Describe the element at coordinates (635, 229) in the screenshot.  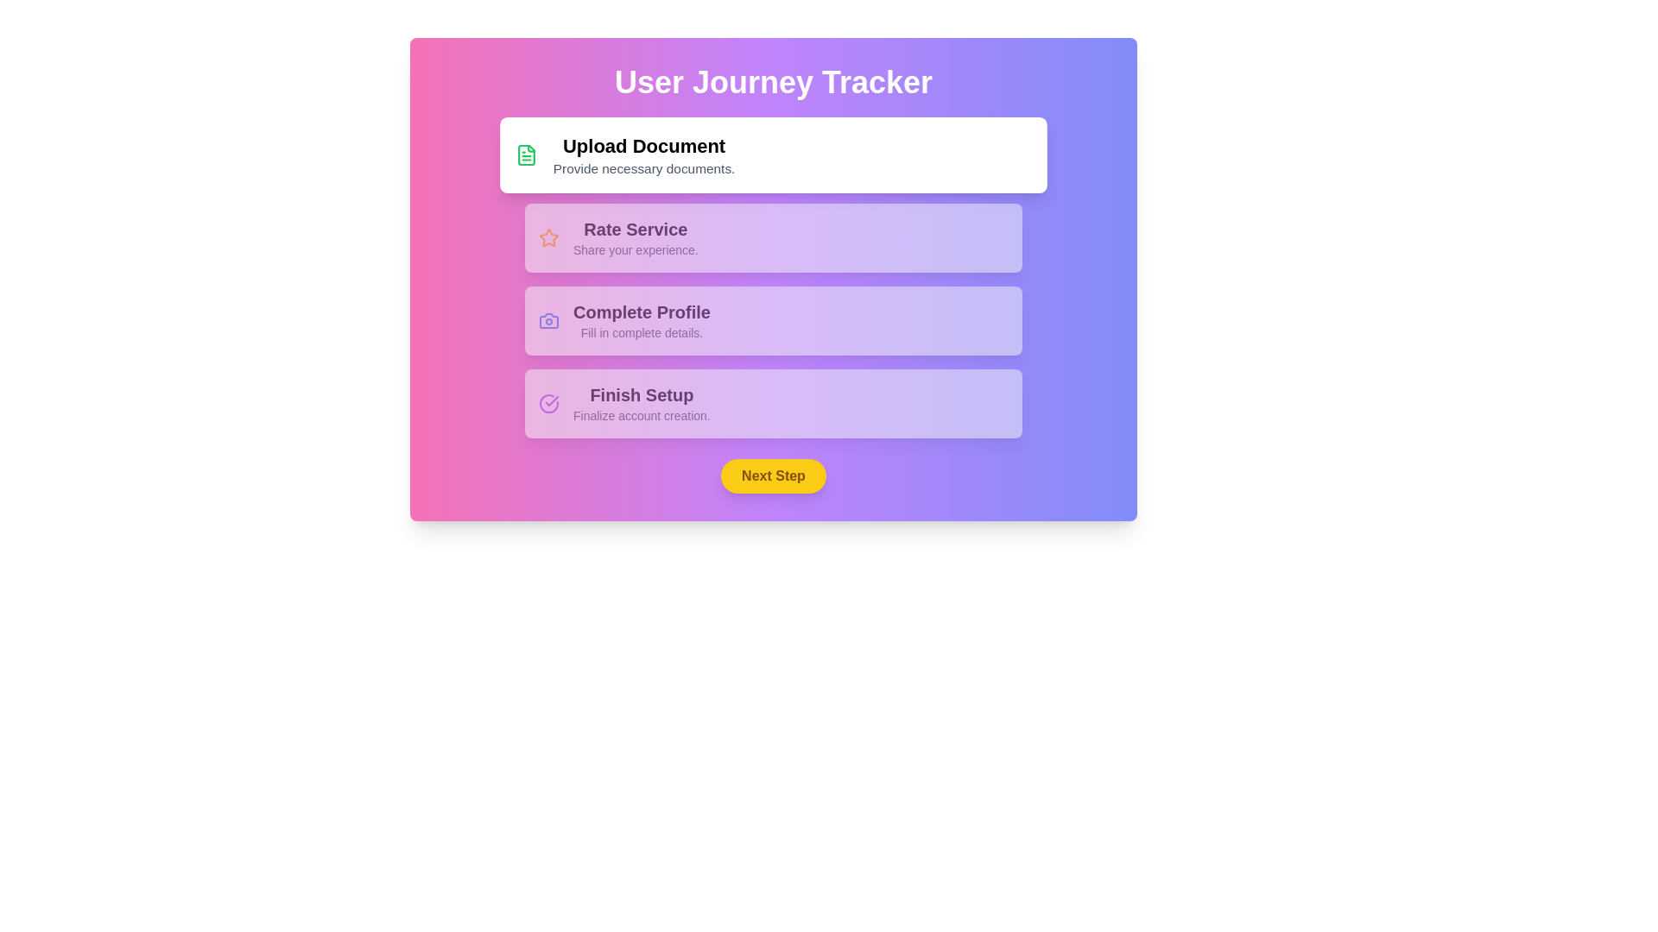
I see `the bold 'Rate Service' text element that is prominently displayed in a larger font size against a light purple background` at that location.